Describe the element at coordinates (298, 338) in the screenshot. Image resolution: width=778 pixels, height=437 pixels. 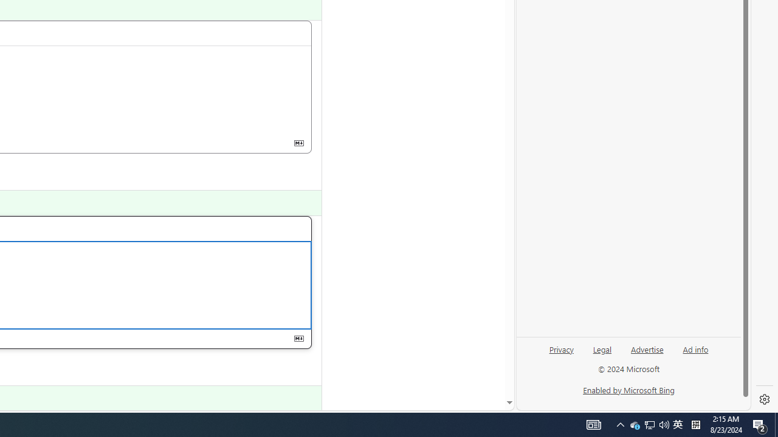
I see `'Class: s16 gl-icon gl-button-icon '` at that location.